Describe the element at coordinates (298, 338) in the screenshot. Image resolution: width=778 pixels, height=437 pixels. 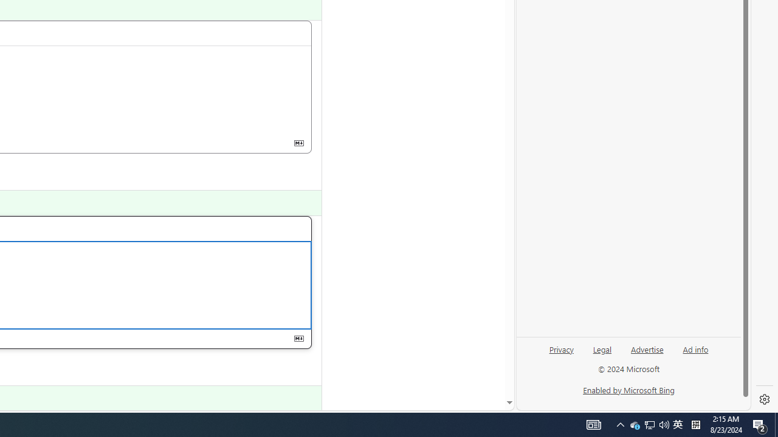
I see `'Class: s16 gl-icon gl-button-icon '` at that location.